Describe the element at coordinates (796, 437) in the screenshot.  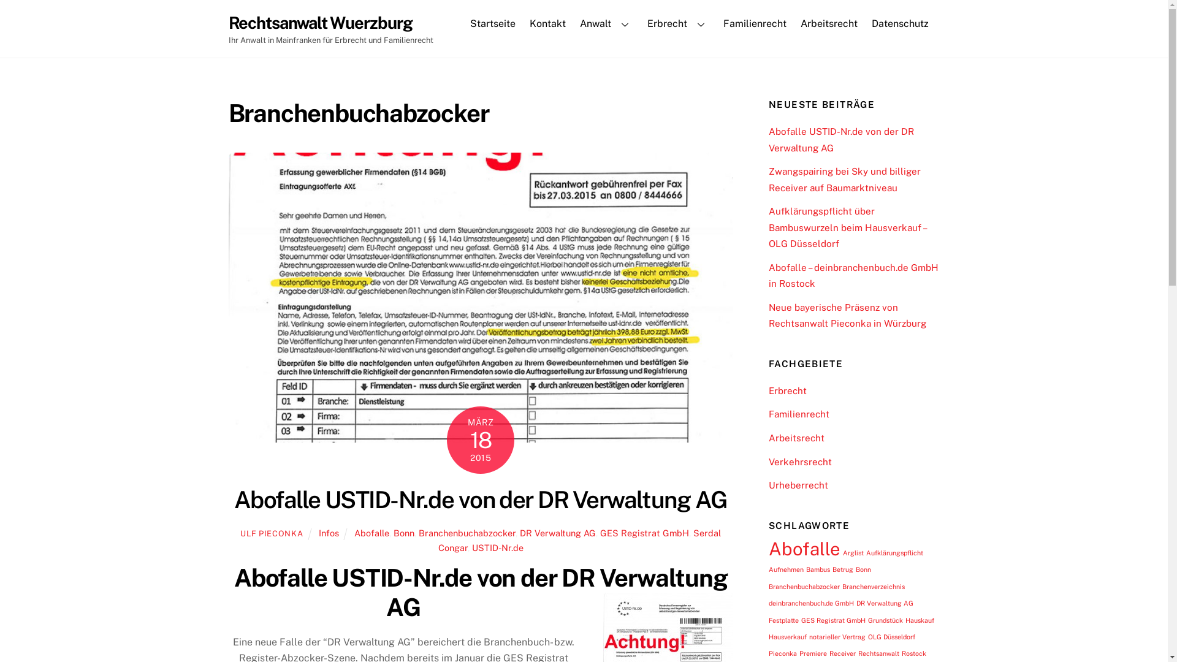
I see `'Arbeitsrecht'` at that location.